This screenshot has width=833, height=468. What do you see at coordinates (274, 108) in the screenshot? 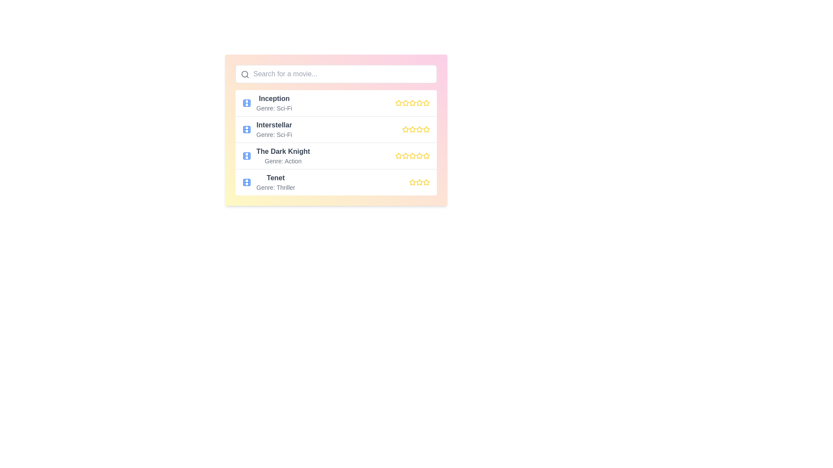
I see `the displayed genre information of the text label showing 'Genre: Sci-Fi' located directly beneath the 'Inception' title` at bounding box center [274, 108].